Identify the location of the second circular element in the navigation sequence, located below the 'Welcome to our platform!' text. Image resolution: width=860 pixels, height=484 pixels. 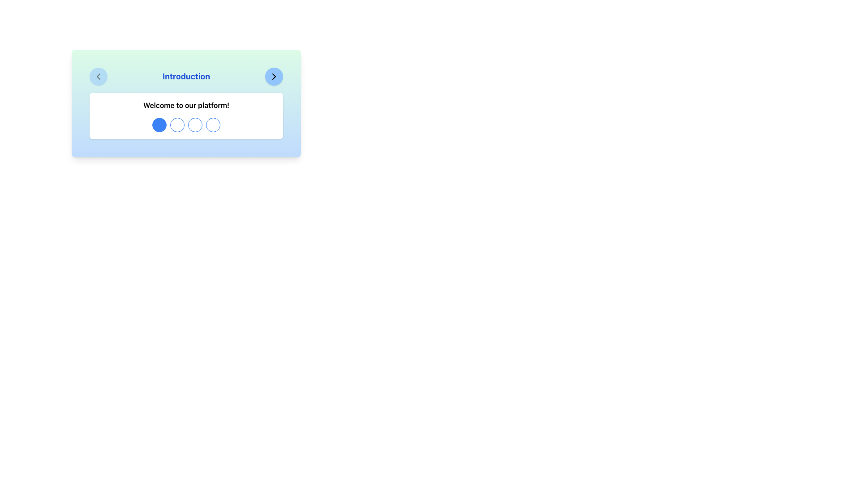
(177, 125).